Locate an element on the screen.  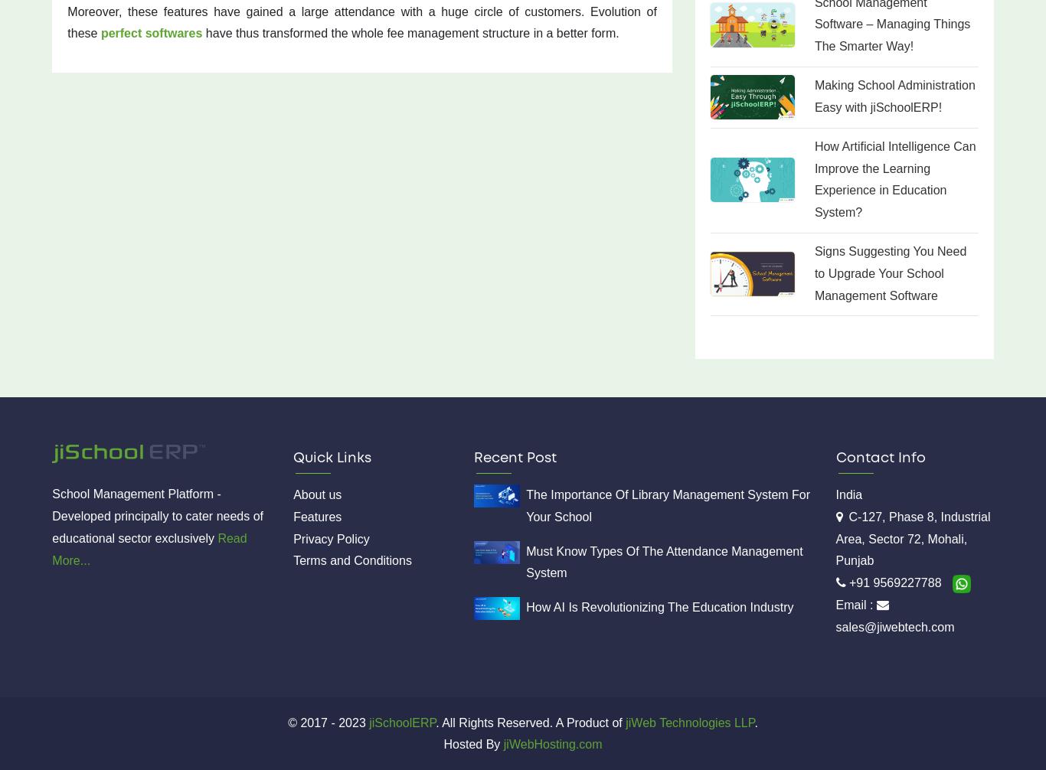
'jiWebHosting.com' is located at coordinates (552, 743).